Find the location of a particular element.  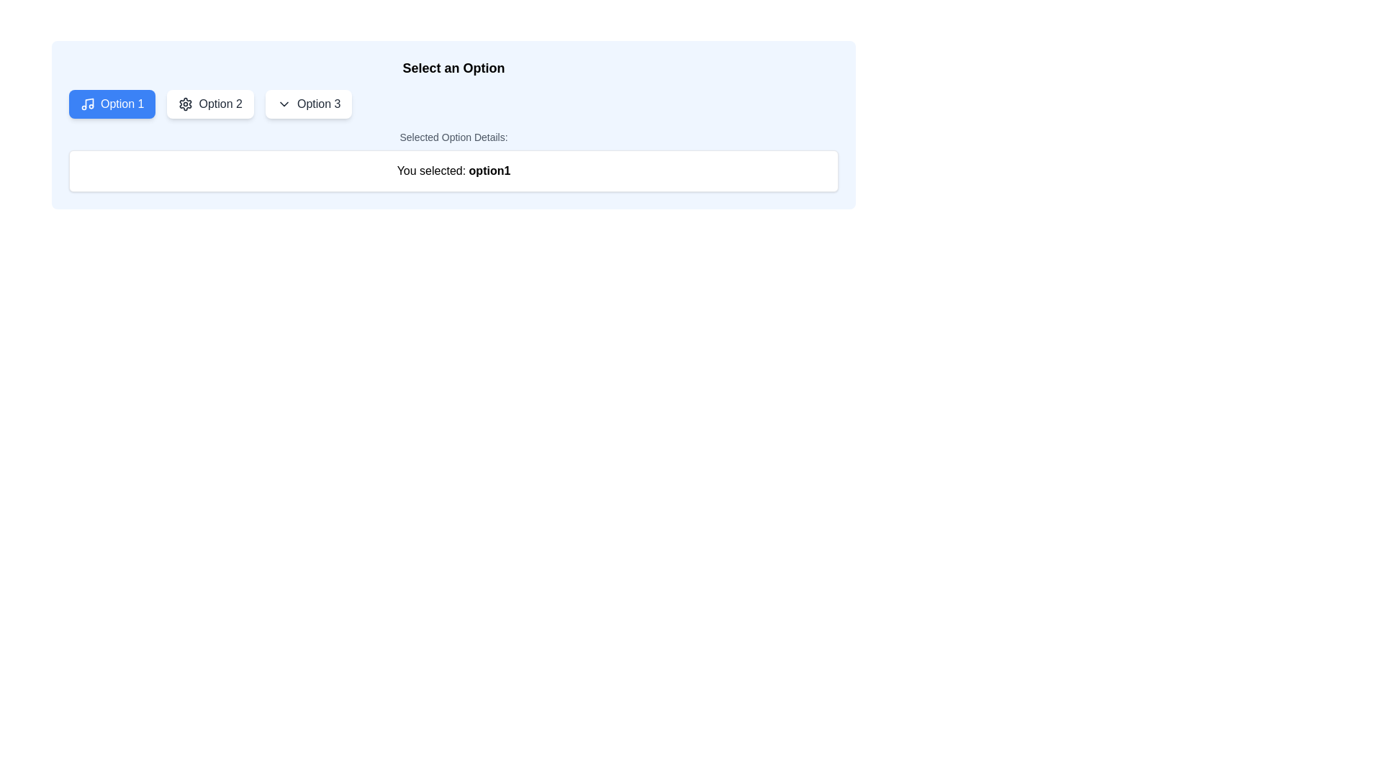

the settings icon, which is a small gear shape located within the 'Option 2' button next to the text label 'Option 2' is located at coordinates (185, 104).